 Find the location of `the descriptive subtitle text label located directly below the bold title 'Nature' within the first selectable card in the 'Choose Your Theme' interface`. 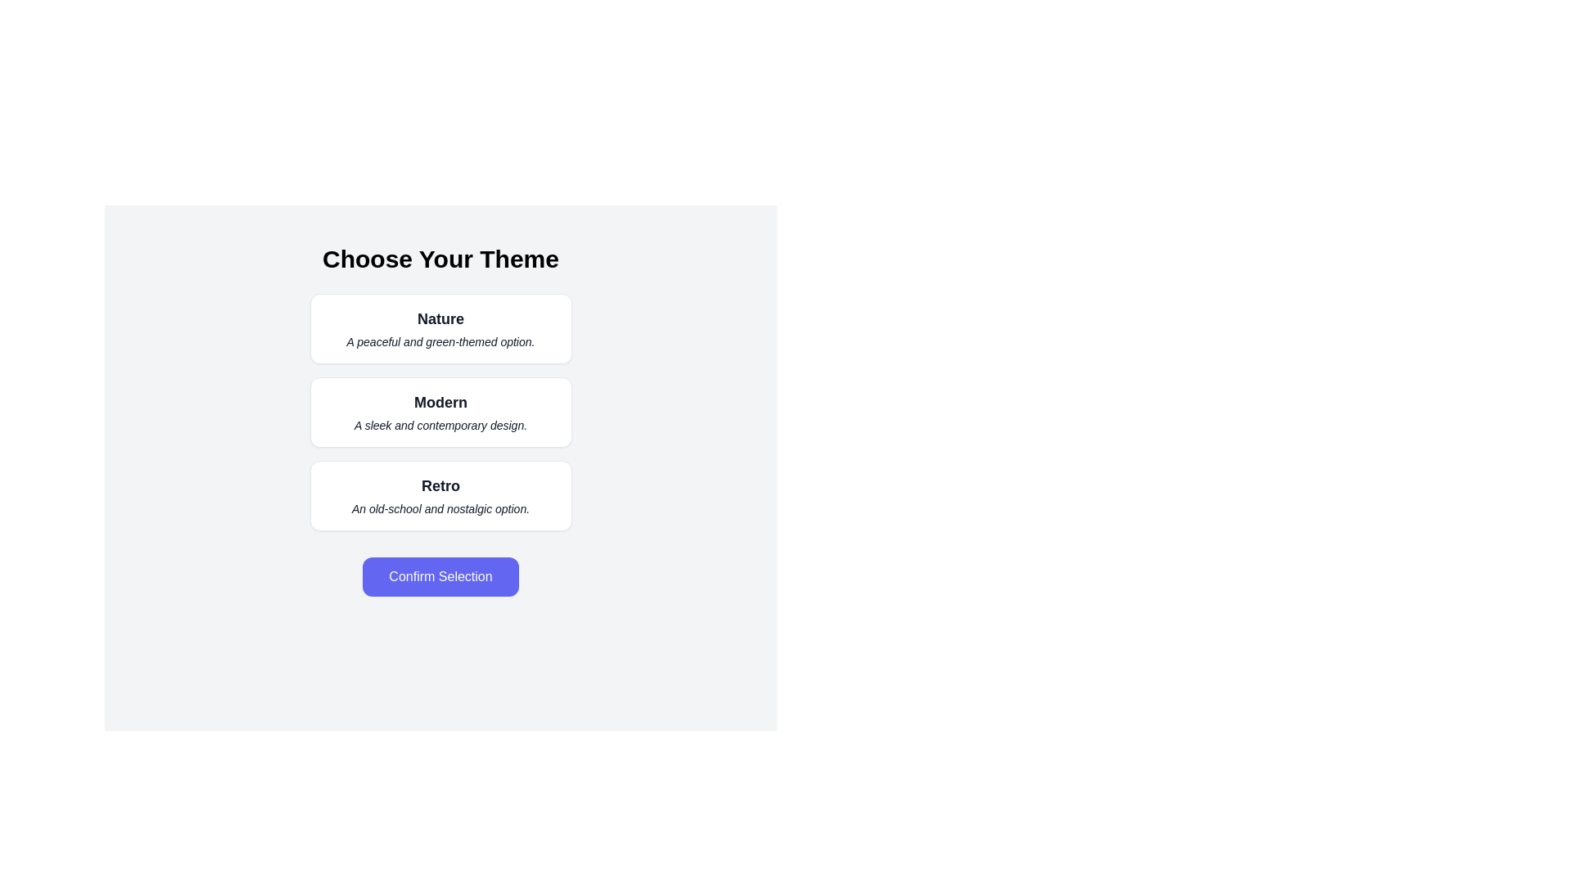

the descriptive subtitle text label located directly below the bold title 'Nature' within the first selectable card in the 'Choose Your Theme' interface is located at coordinates (440, 341).